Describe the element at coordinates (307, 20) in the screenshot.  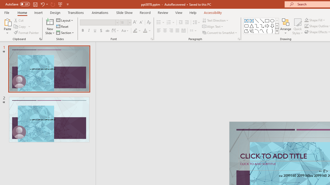
I see `'Shape Fill Dark Green, Accent 2'` at that location.